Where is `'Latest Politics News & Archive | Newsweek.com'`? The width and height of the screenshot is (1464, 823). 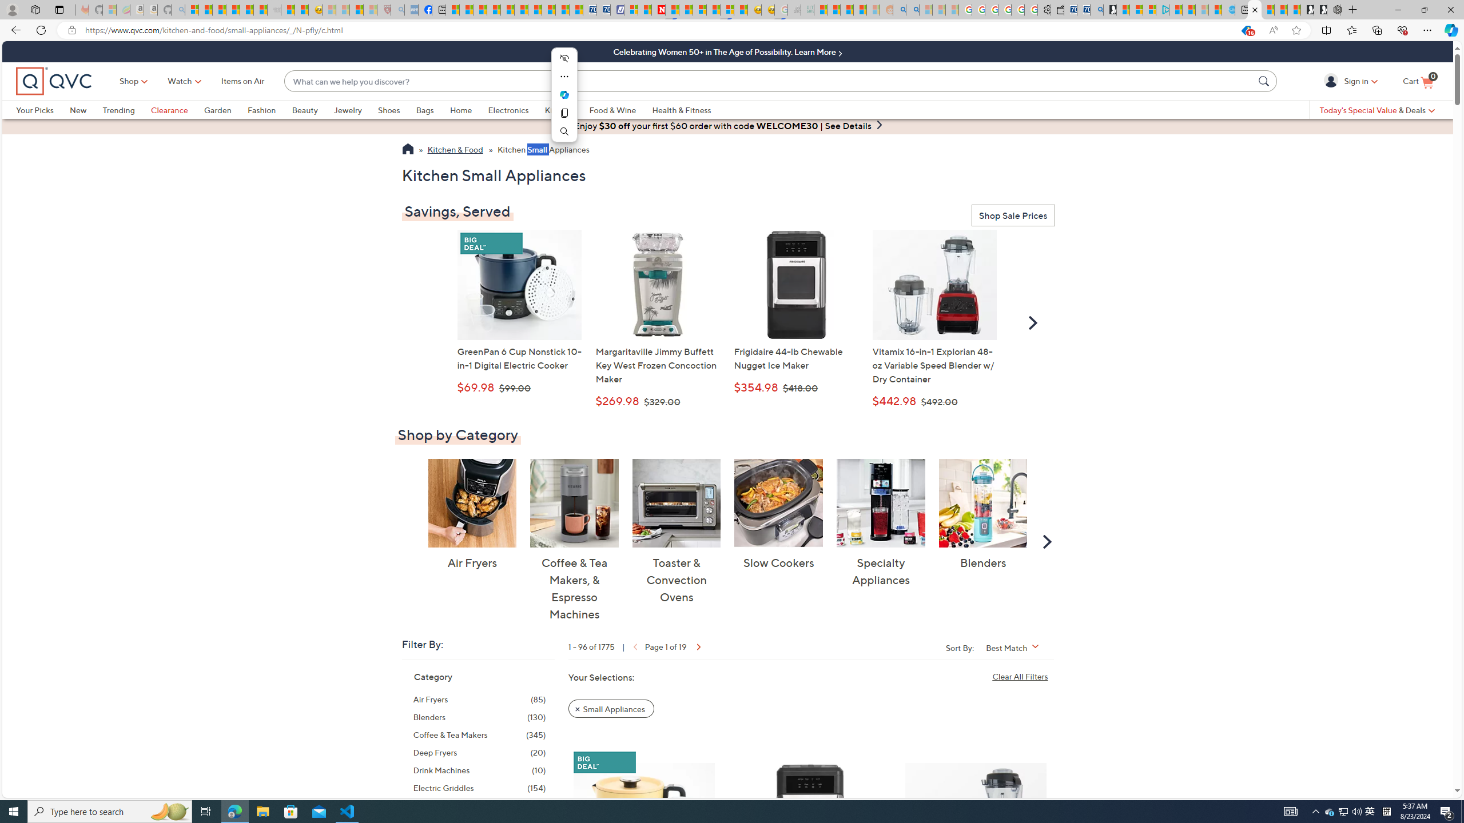 'Latest Politics News & Archive | Newsweek.com' is located at coordinates (658, 9).